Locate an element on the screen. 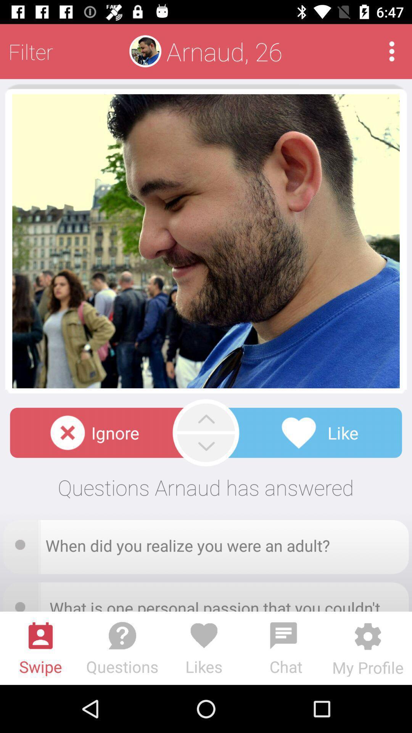 This screenshot has height=733, width=412. app next to the arnaud, 26 icon is located at coordinates (392, 51).